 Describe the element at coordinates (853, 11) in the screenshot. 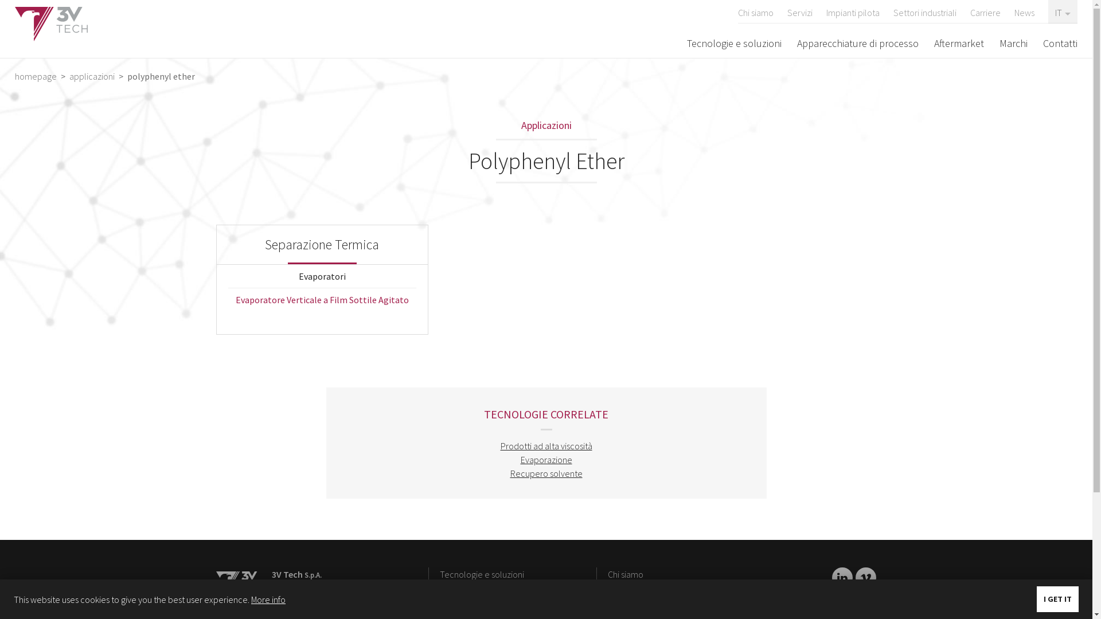

I see `'Impianti pilota'` at that location.